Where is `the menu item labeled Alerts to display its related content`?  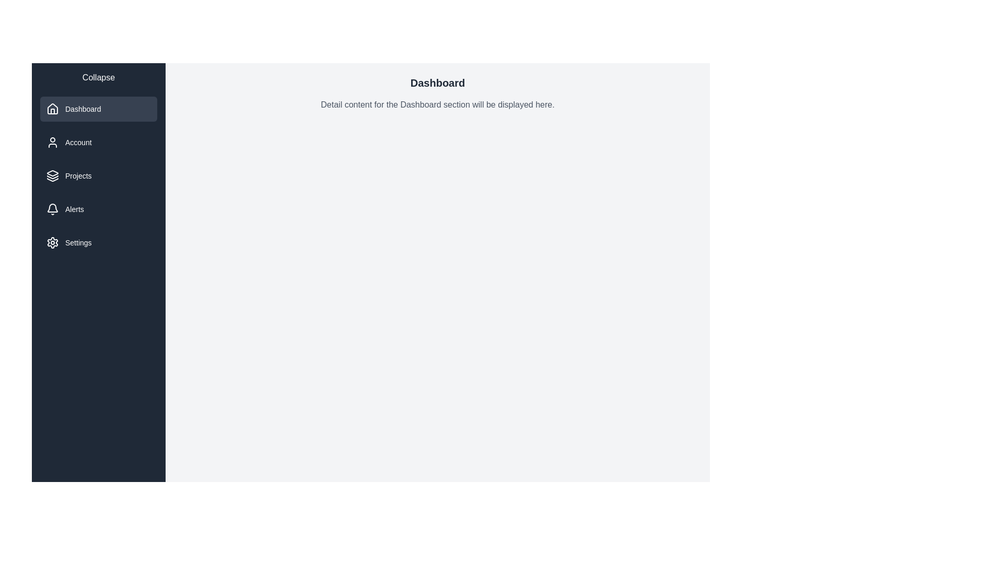
the menu item labeled Alerts to display its related content is located at coordinates (98, 209).